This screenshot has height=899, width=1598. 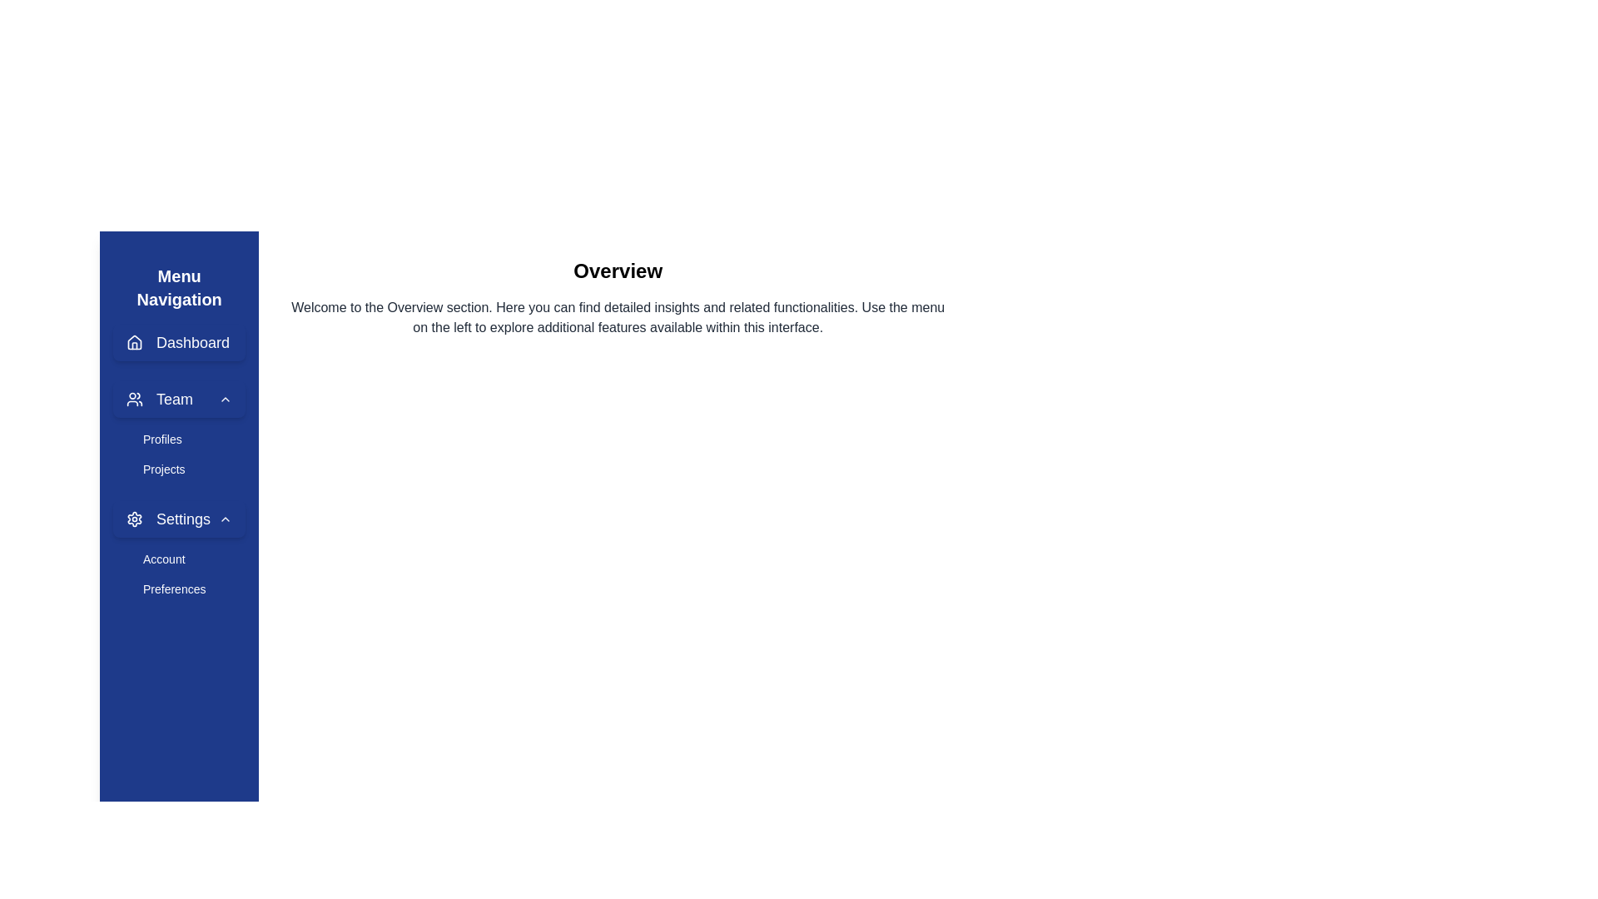 I want to click on the 'Team' icon located in the second item of the navigation menu on the left sidebar, so click(x=135, y=399).